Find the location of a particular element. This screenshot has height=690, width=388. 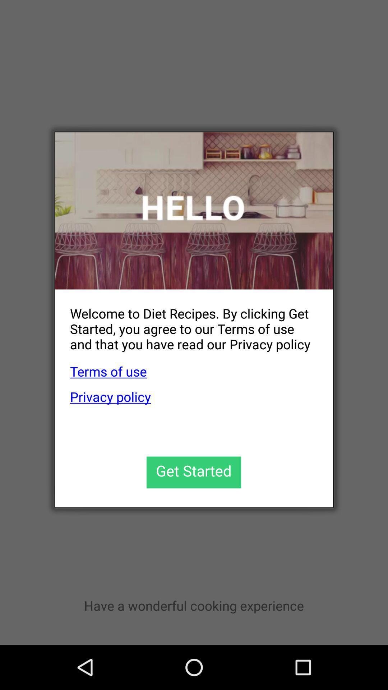

the welcome to diet is located at coordinates (186, 323).